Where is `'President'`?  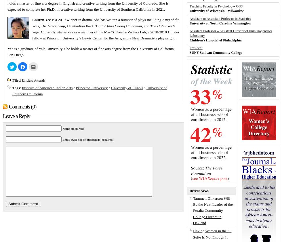 'President' is located at coordinates (189, 47).